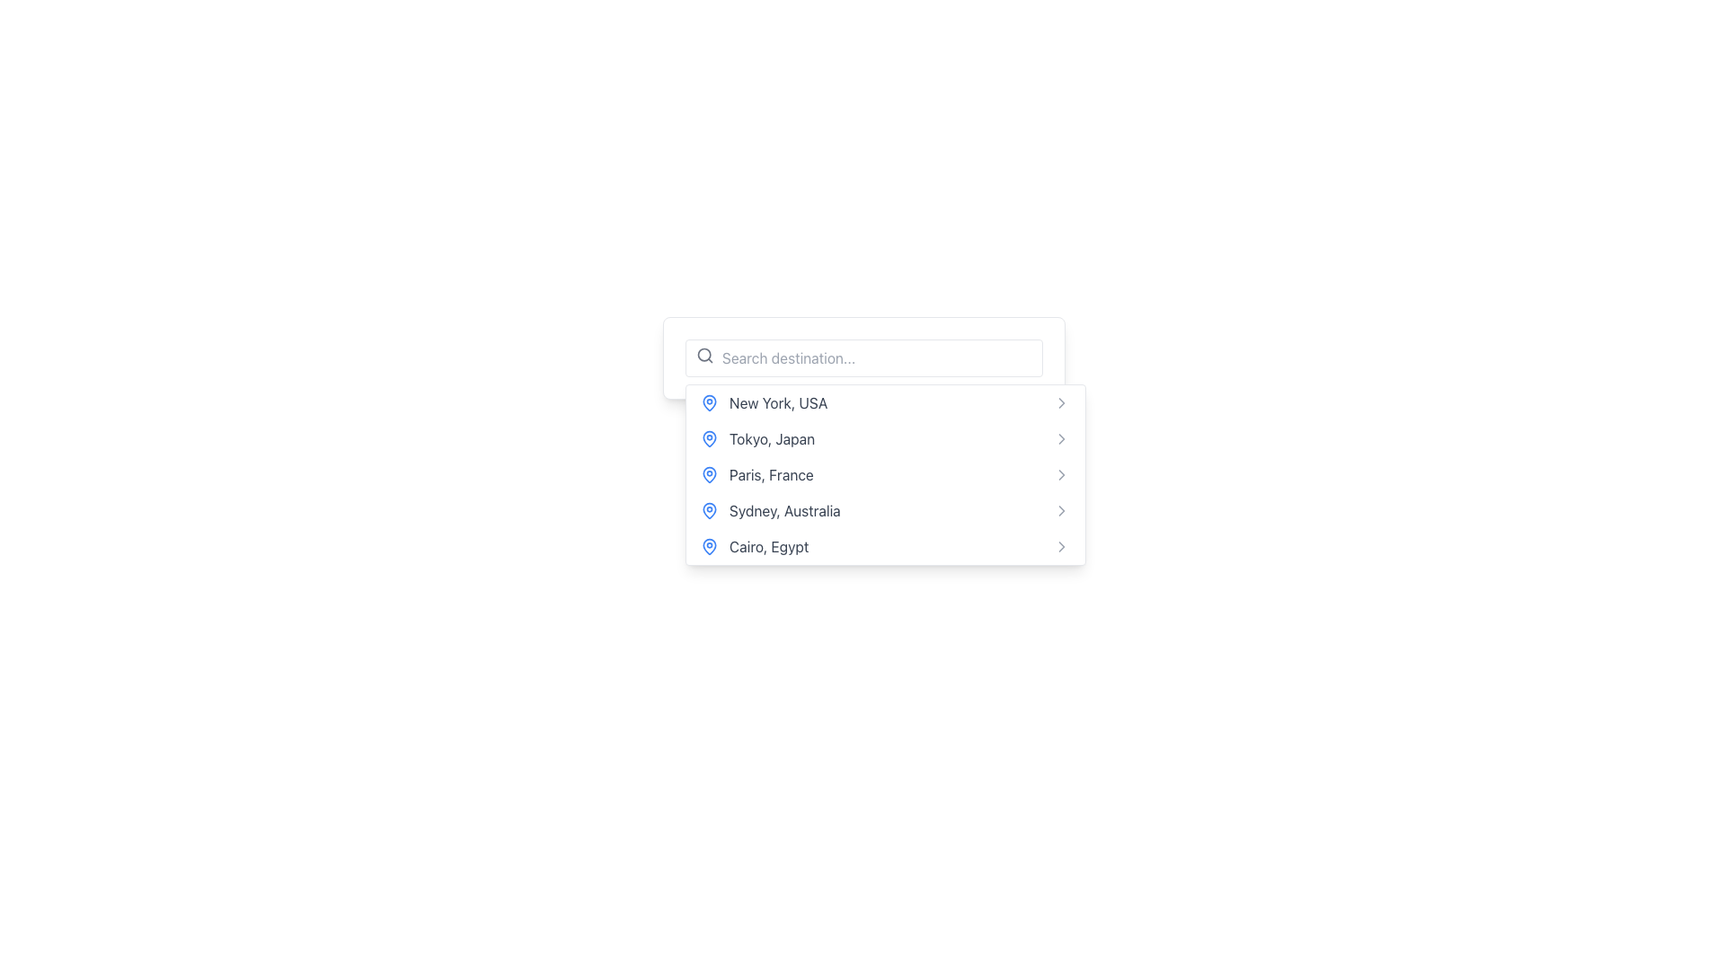  What do you see at coordinates (885, 439) in the screenshot?
I see `the second item in the dropdown menu, which is the selectable option for 'Tokyo, Japan'` at bounding box center [885, 439].